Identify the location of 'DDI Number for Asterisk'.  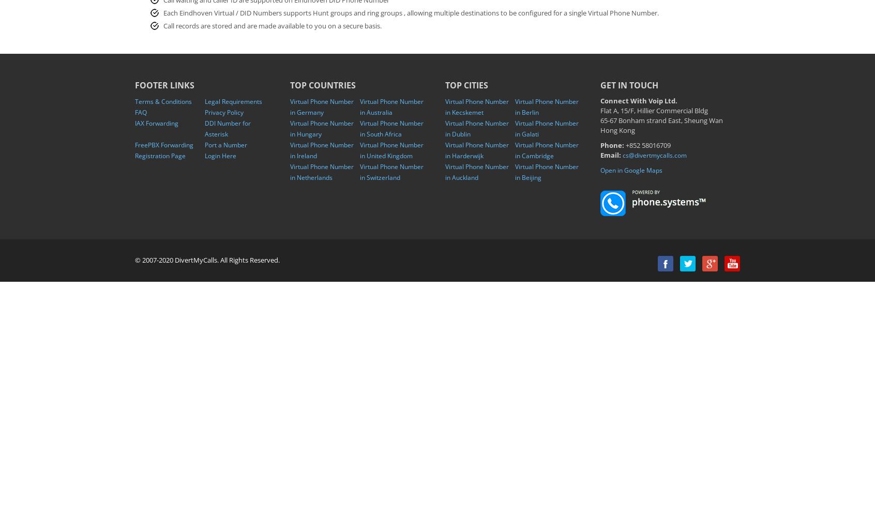
(227, 128).